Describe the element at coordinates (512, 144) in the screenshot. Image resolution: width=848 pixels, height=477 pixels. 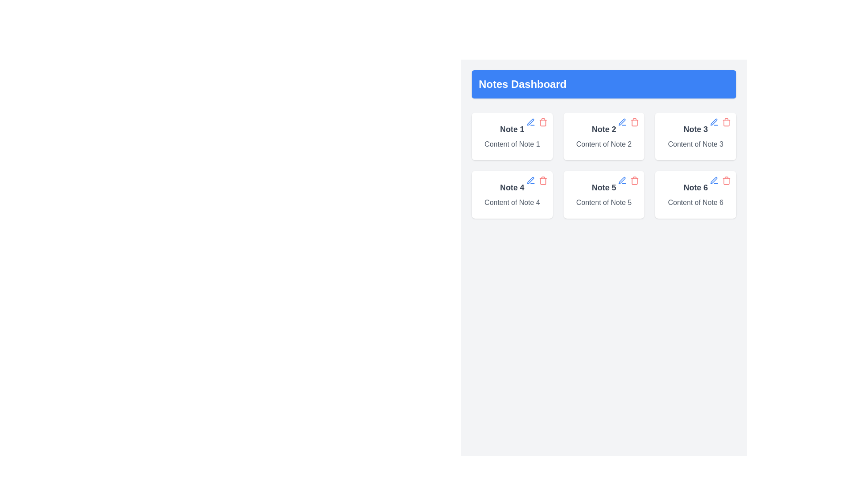
I see `the text display that shows 'Content of Note 1', which is styled in gray and is located in the white card below the title 'Note 1' on the Notes Dashboard` at that location.